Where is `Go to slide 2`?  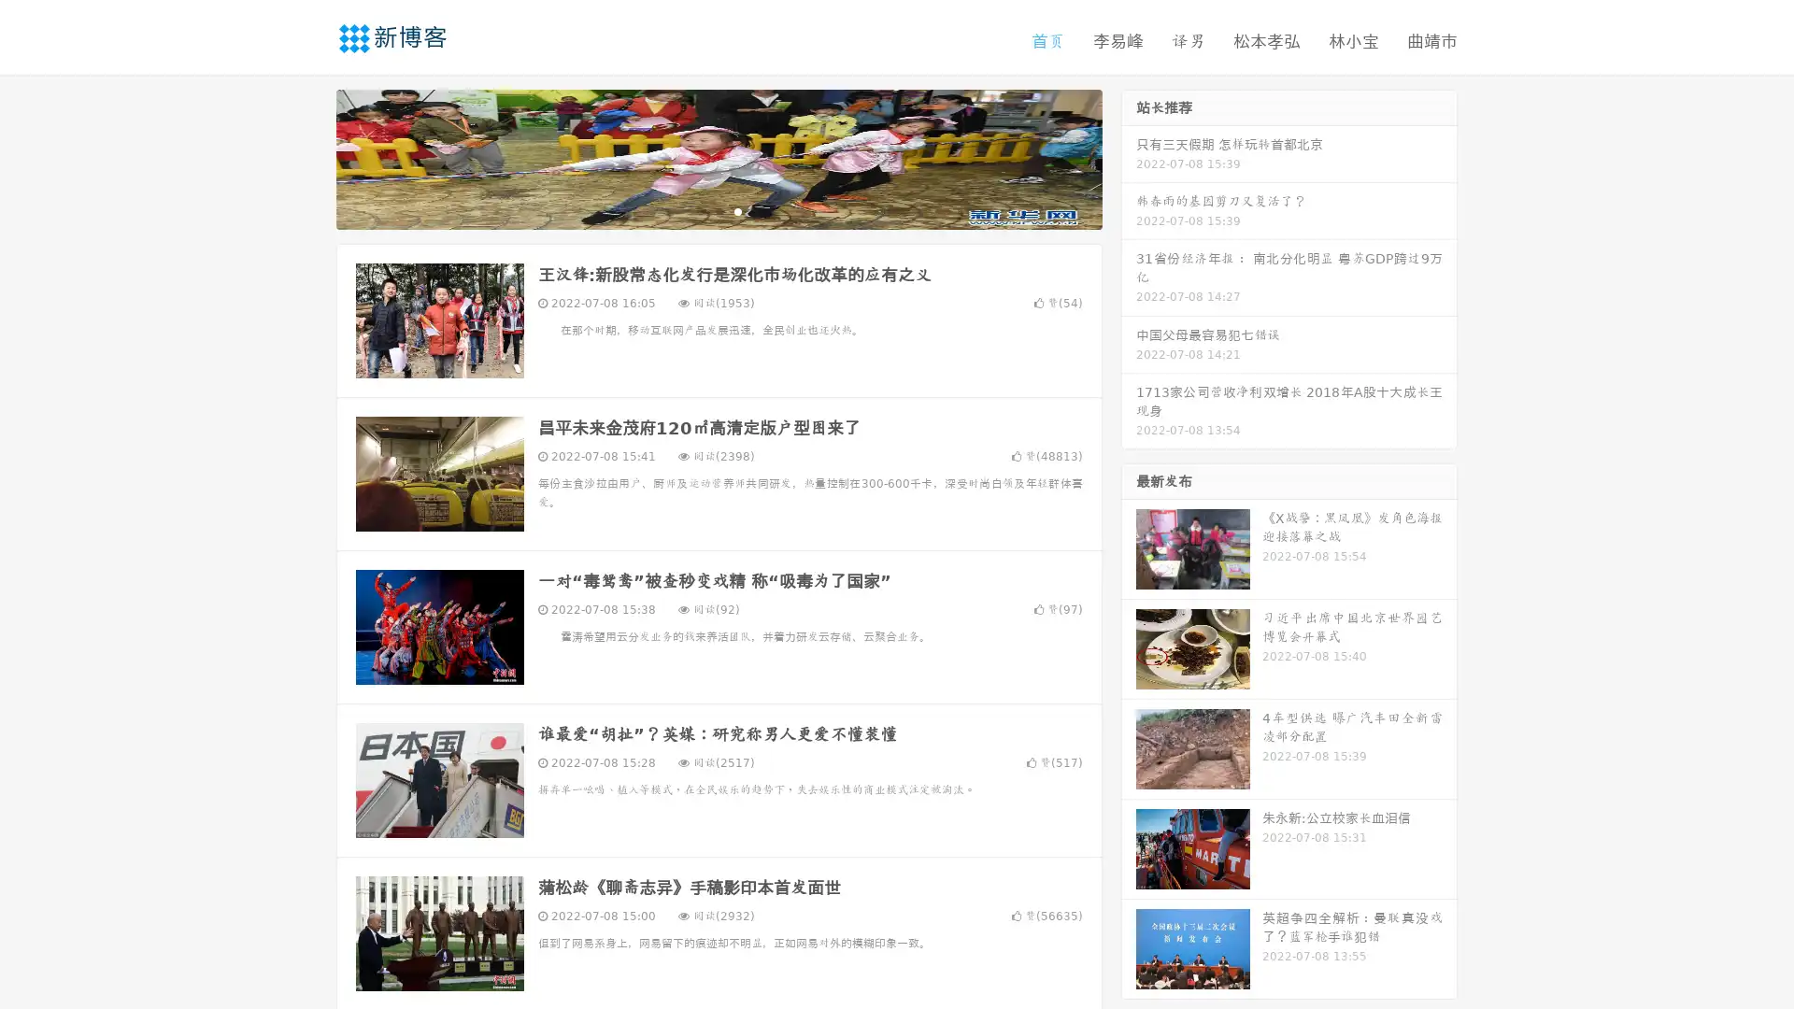
Go to slide 2 is located at coordinates (718, 210).